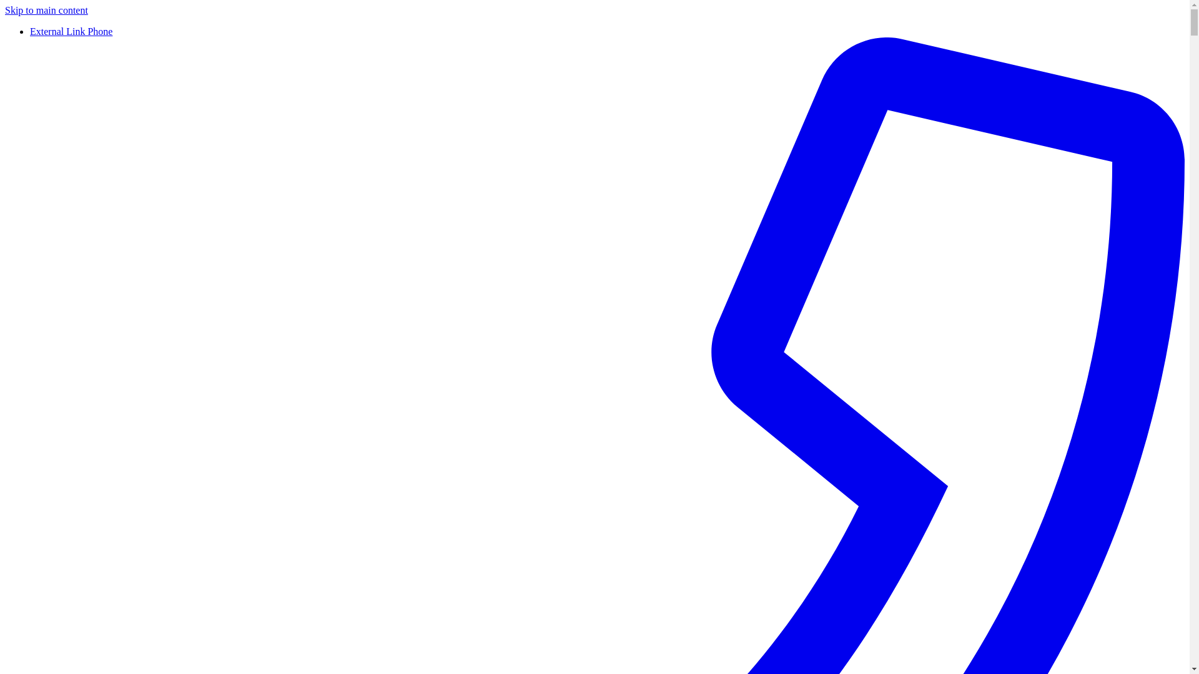  I want to click on 'Skip to main content', so click(46, 10).